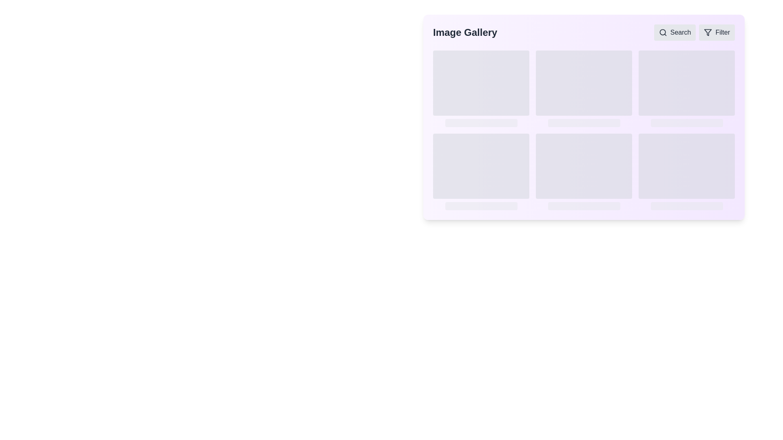  What do you see at coordinates (481, 171) in the screenshot?
I see `details of the placeholder or content card located in the seventh slot of the grid layout, which has a light gray color and rounded corners` at bounding box center [481, 171].